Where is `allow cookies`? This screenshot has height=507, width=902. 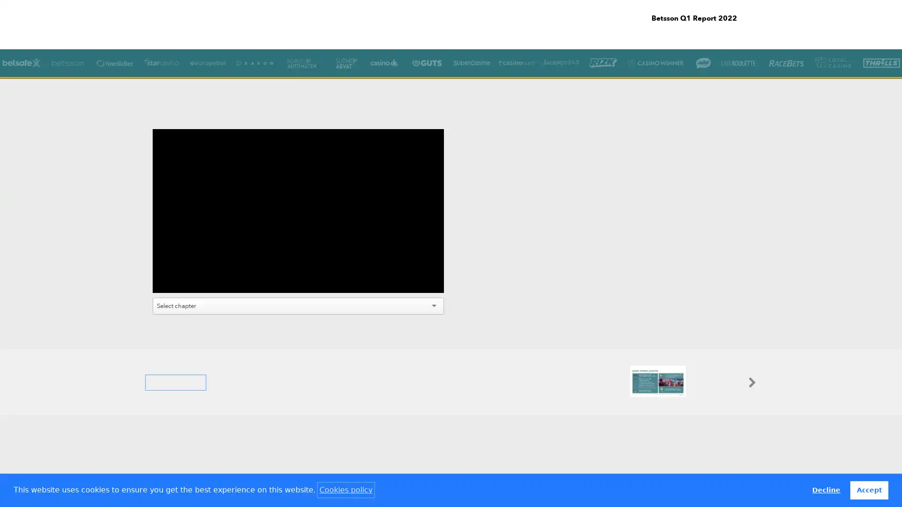
allow cookies is located at coordinates (869, 490).